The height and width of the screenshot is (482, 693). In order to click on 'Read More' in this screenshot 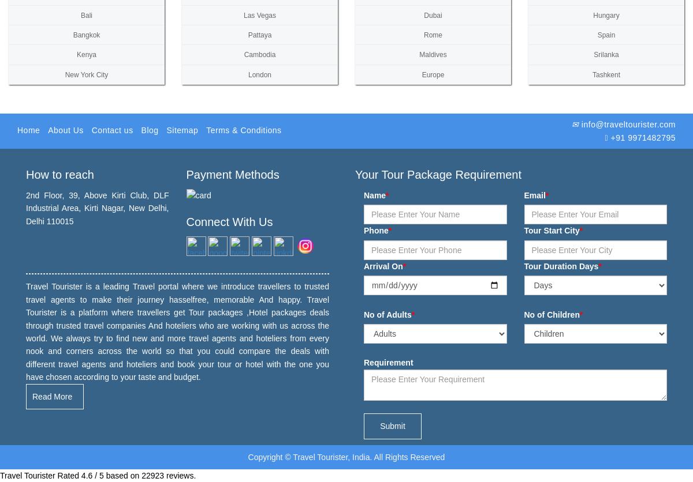, I will do `click(52, 396)`.